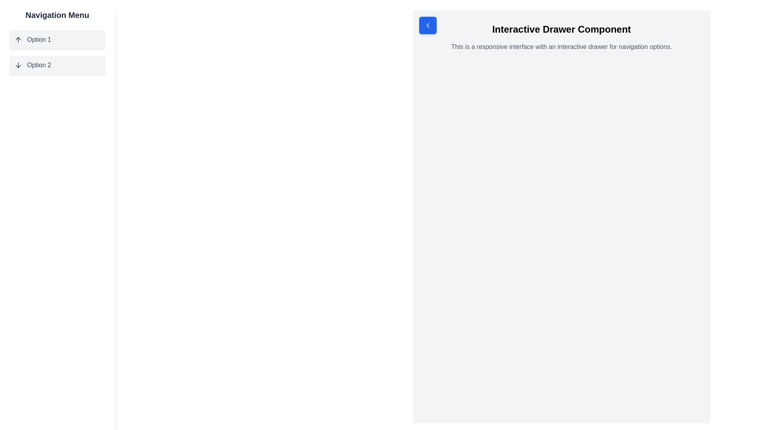 The width and height of the screenshot is (765, 430). I want to click on the second button in the vertical navigation menu located on the left side of the interface, directly beneath 'Option 1', so click(57, 65).